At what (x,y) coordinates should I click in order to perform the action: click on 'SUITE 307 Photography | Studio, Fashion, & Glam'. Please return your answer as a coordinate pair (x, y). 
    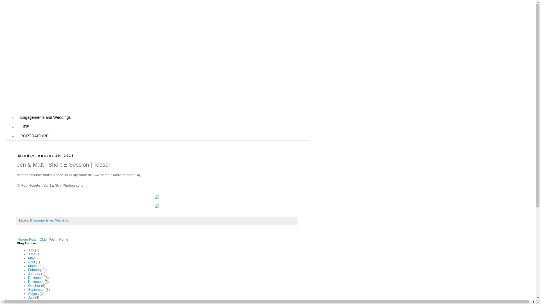
    Looking at the image, I should click on (65, 70).